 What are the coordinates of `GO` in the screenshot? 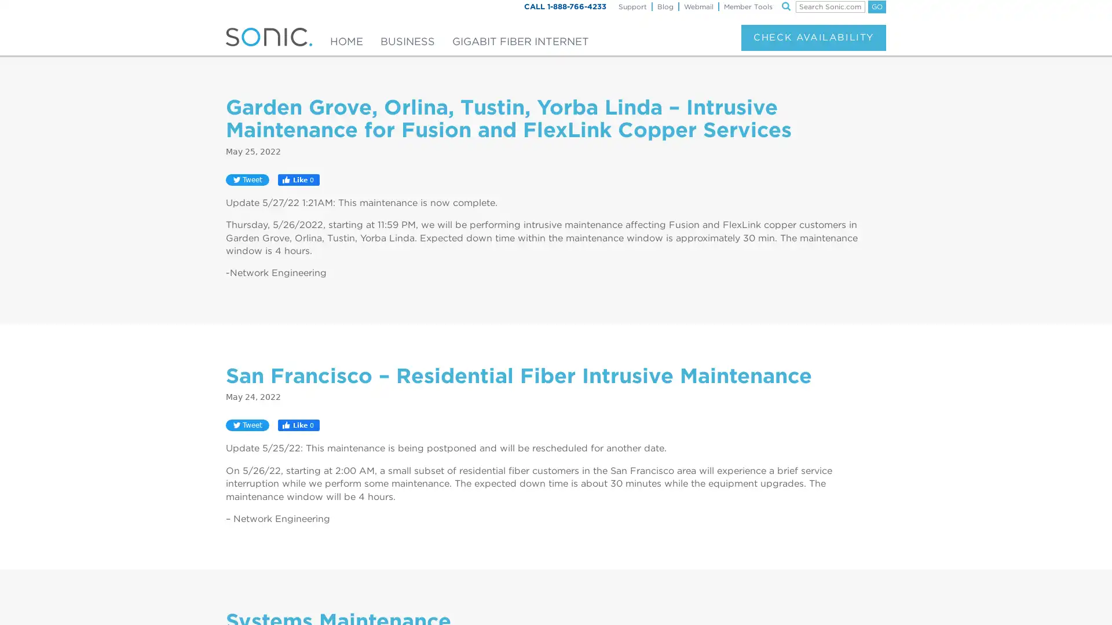 It's located at (877, 6).